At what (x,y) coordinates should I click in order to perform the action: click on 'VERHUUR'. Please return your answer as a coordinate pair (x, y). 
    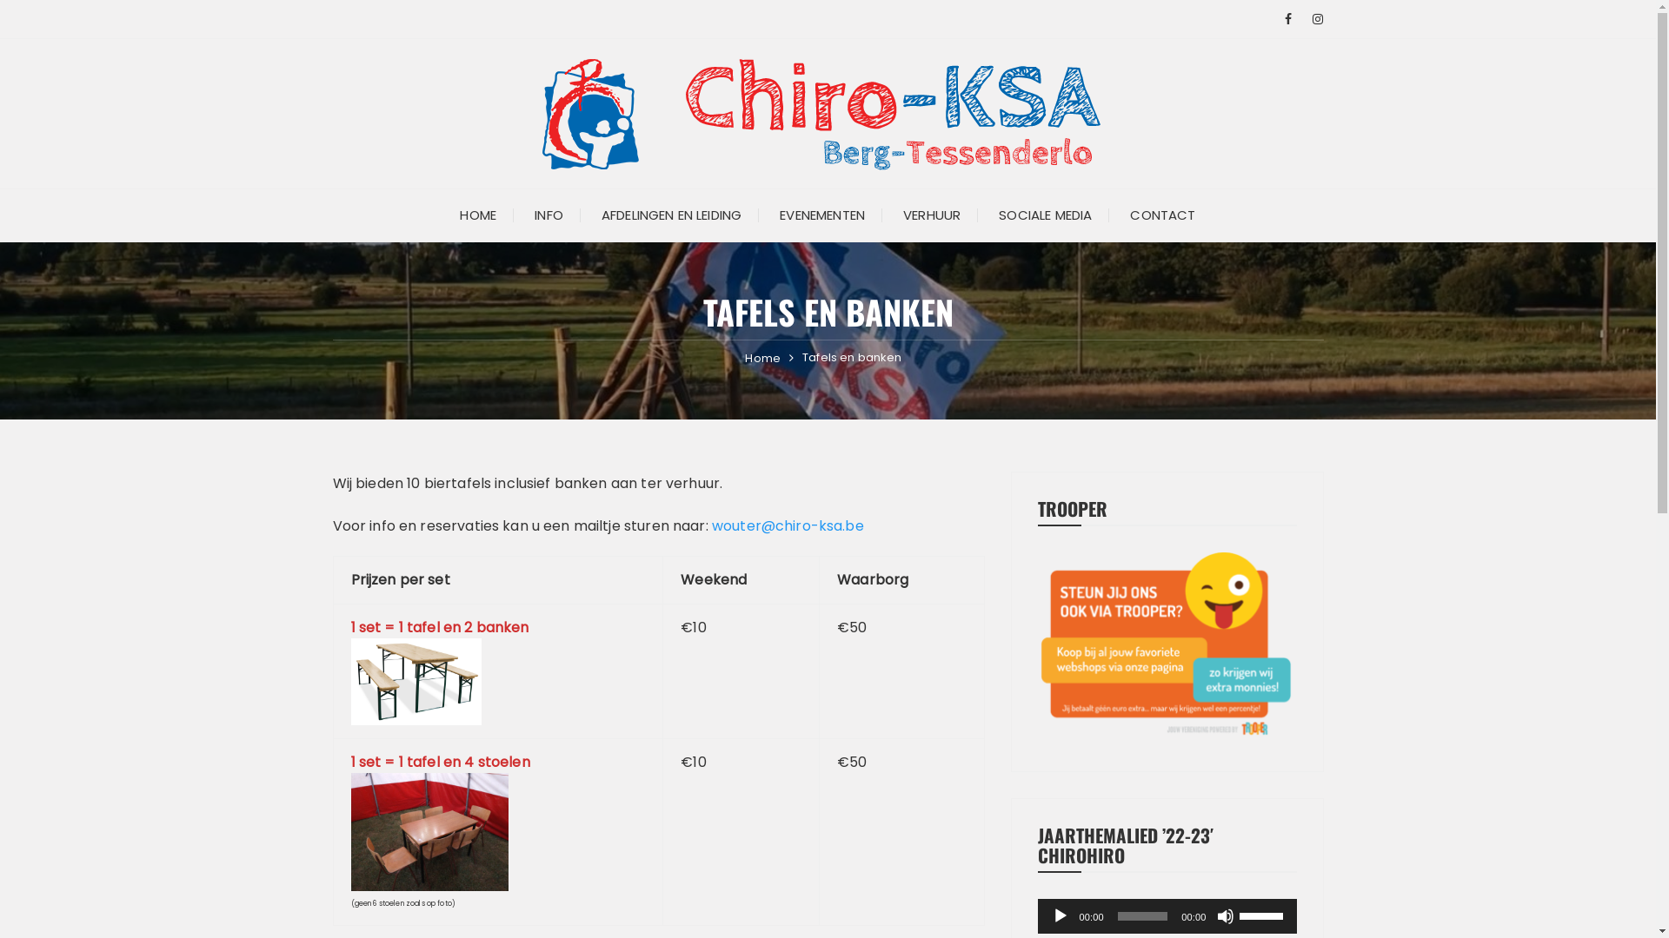
    Looking at the image, I should click on (885, 214).